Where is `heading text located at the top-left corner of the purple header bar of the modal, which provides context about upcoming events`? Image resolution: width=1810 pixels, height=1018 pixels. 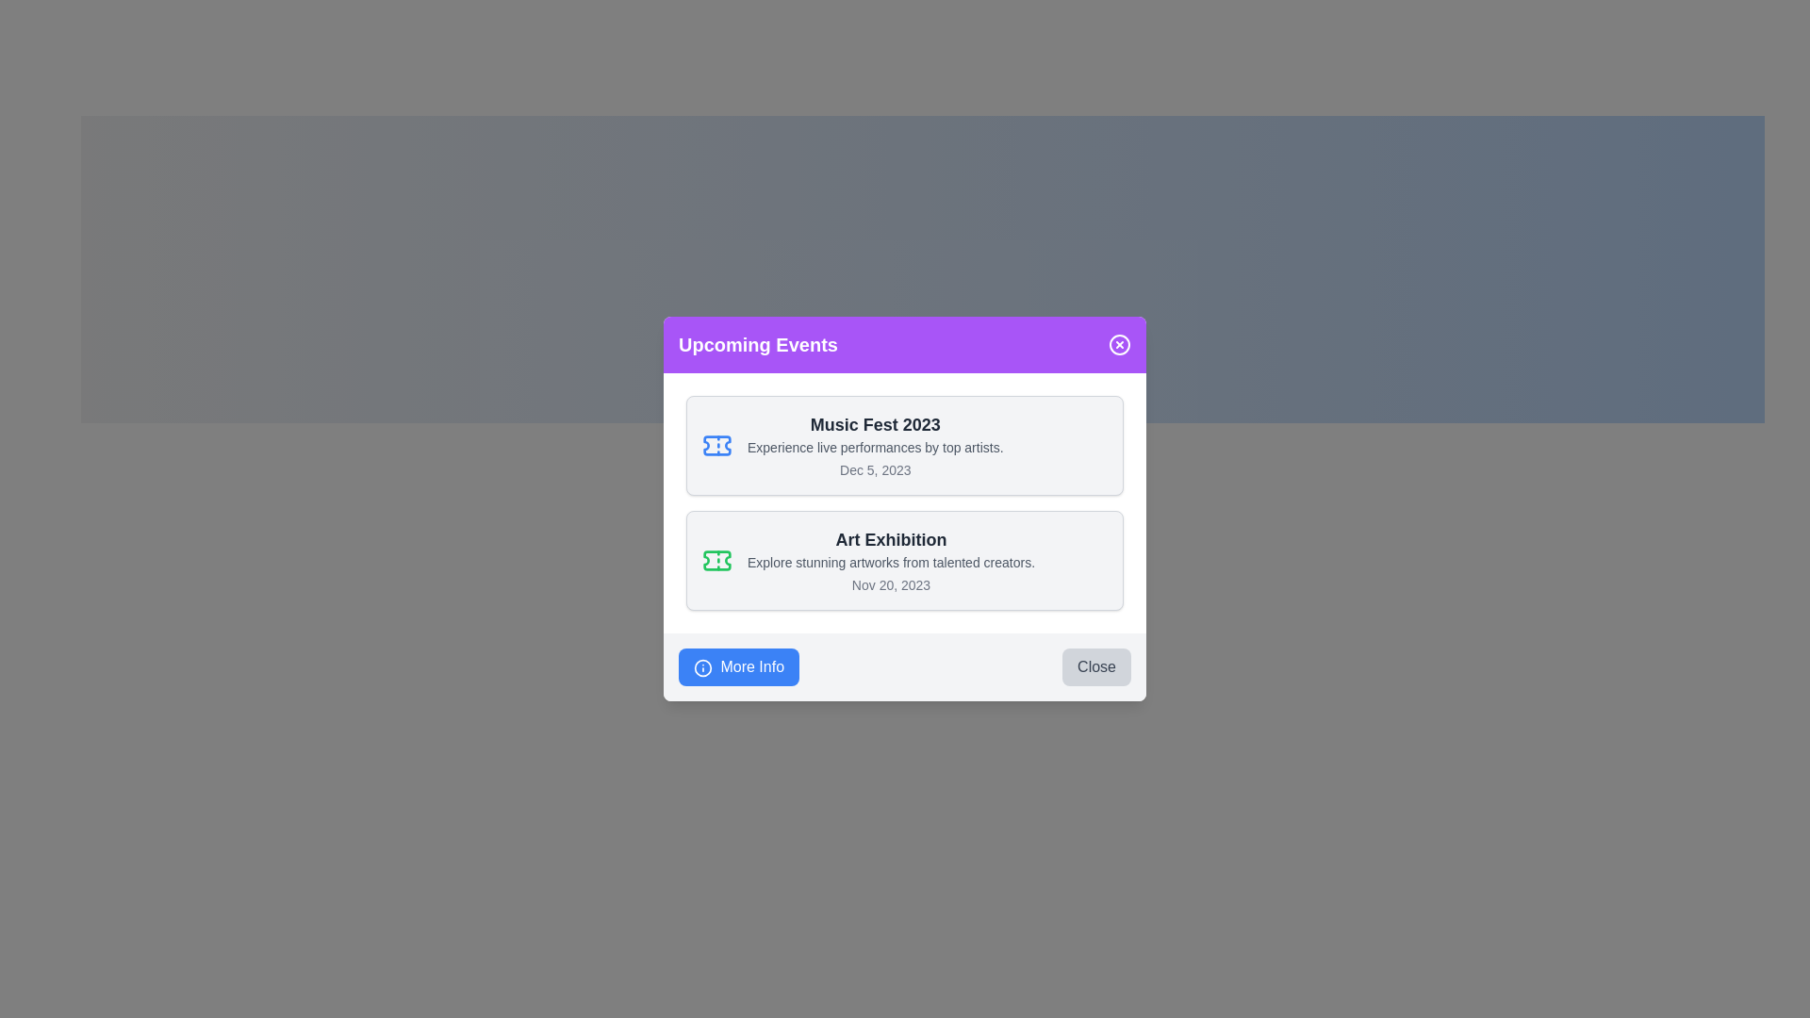
heading text located at the top-left corner of the purple header bar of the modal, which provides context about upcoming events is located at coordinates (758, 345).